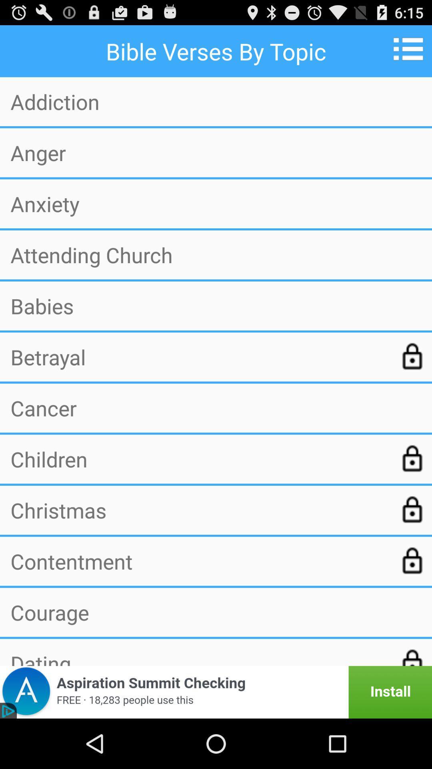 Image resolution: width=432 pixels, height=769 pixels. Describe the element at coordinates (411, 52) in the screenshot. I see `the list icon` at that location.